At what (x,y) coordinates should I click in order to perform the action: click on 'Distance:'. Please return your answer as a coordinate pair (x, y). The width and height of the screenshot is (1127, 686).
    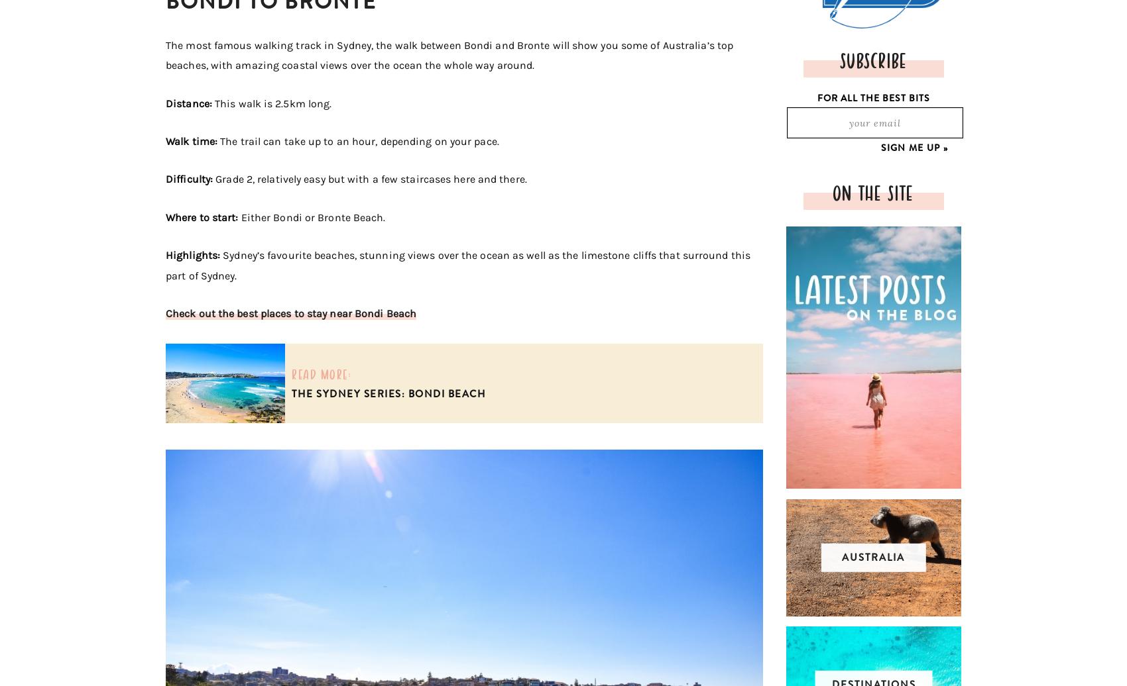
    Looking at the image, I should click on (190, 103).